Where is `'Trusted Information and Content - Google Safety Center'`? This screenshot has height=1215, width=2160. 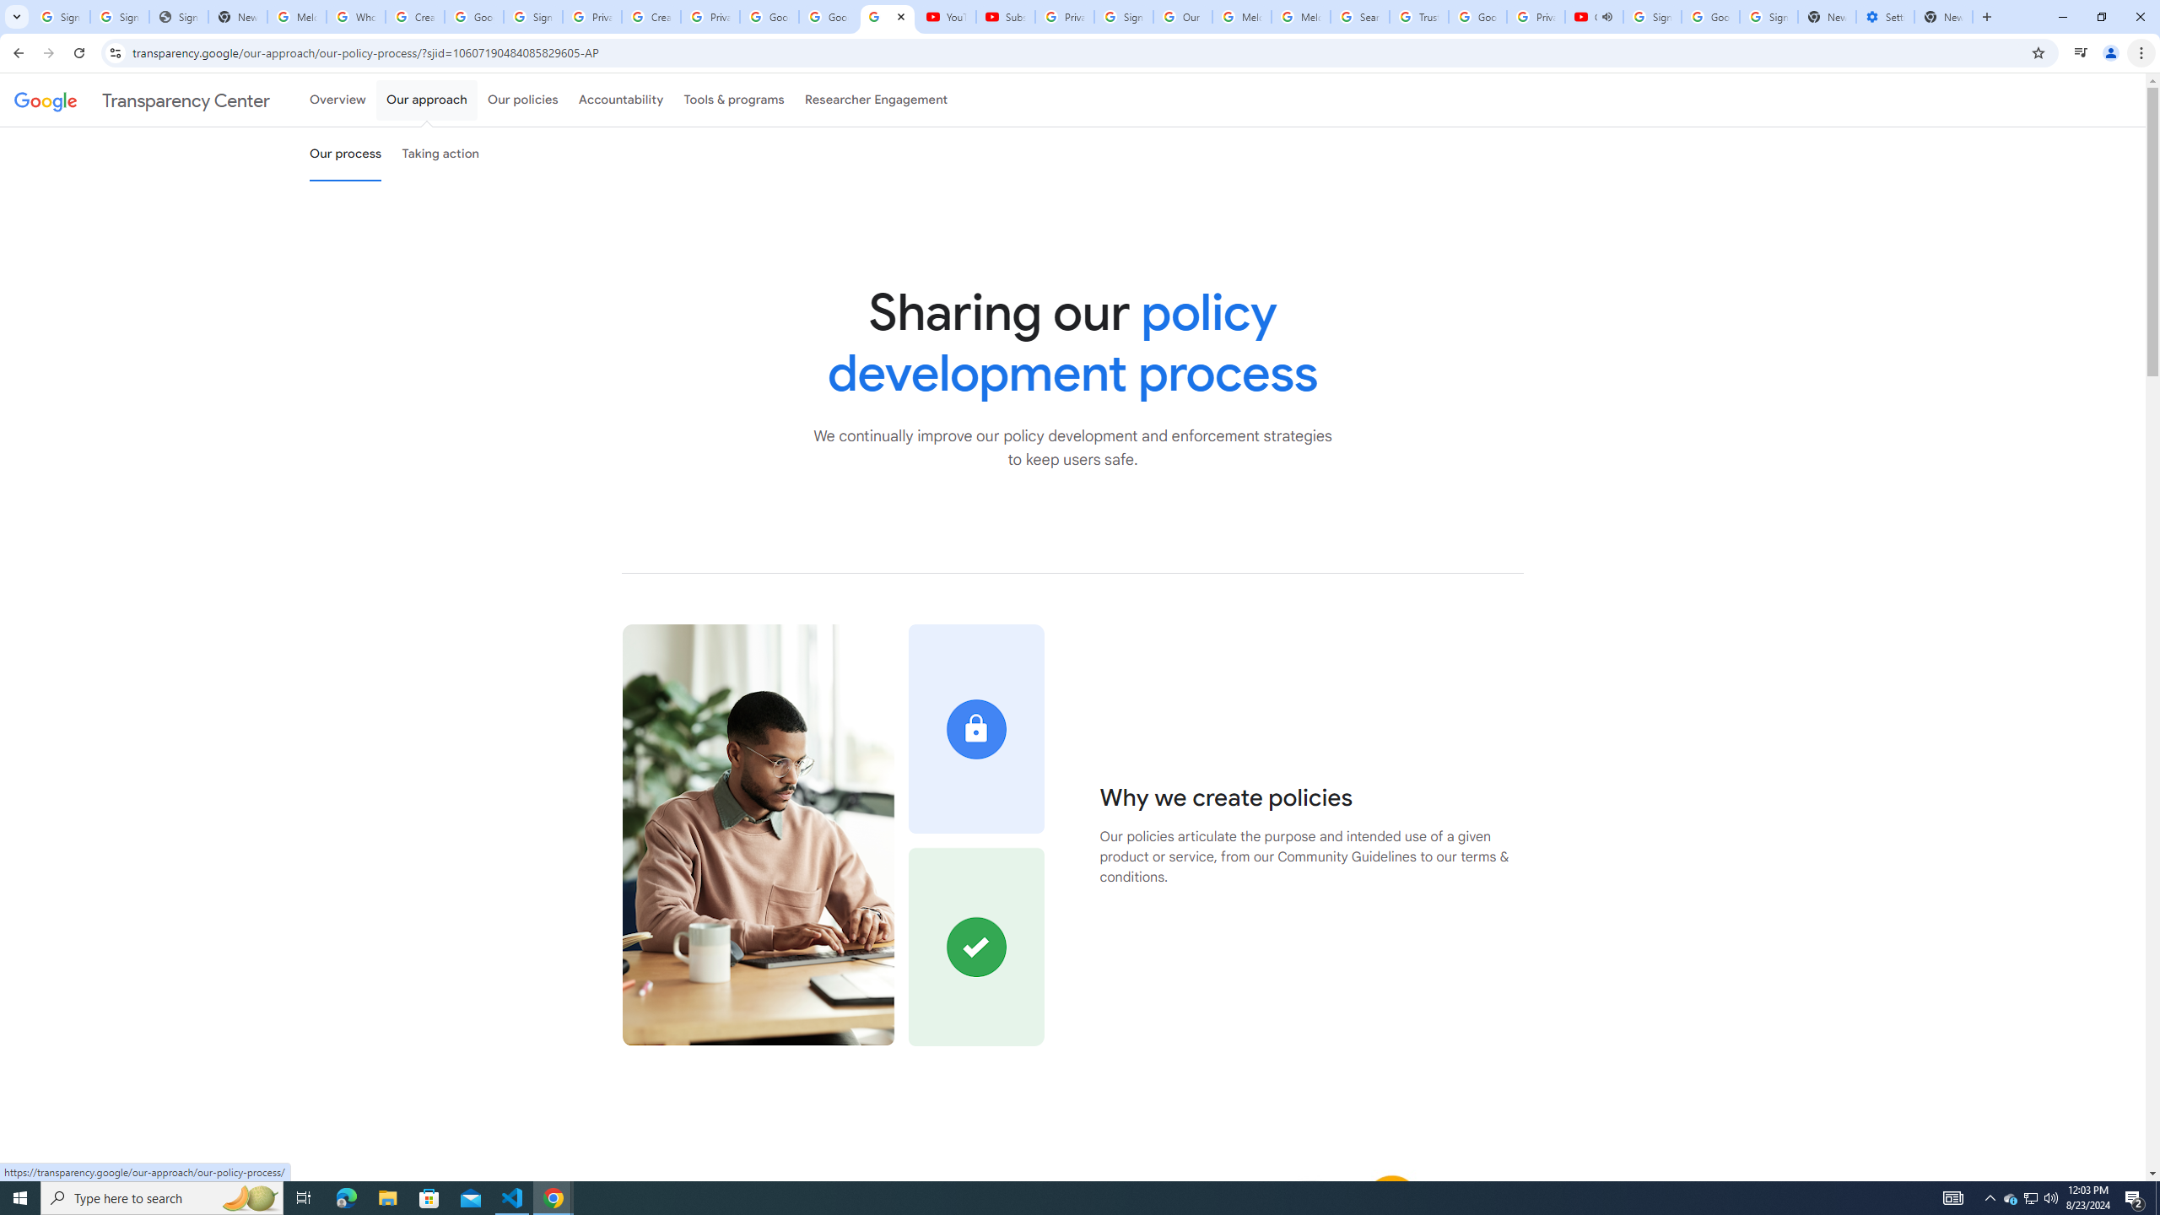 'Trusted Information and Content - Google Safety Center' is located at coordinates (1417, 16).